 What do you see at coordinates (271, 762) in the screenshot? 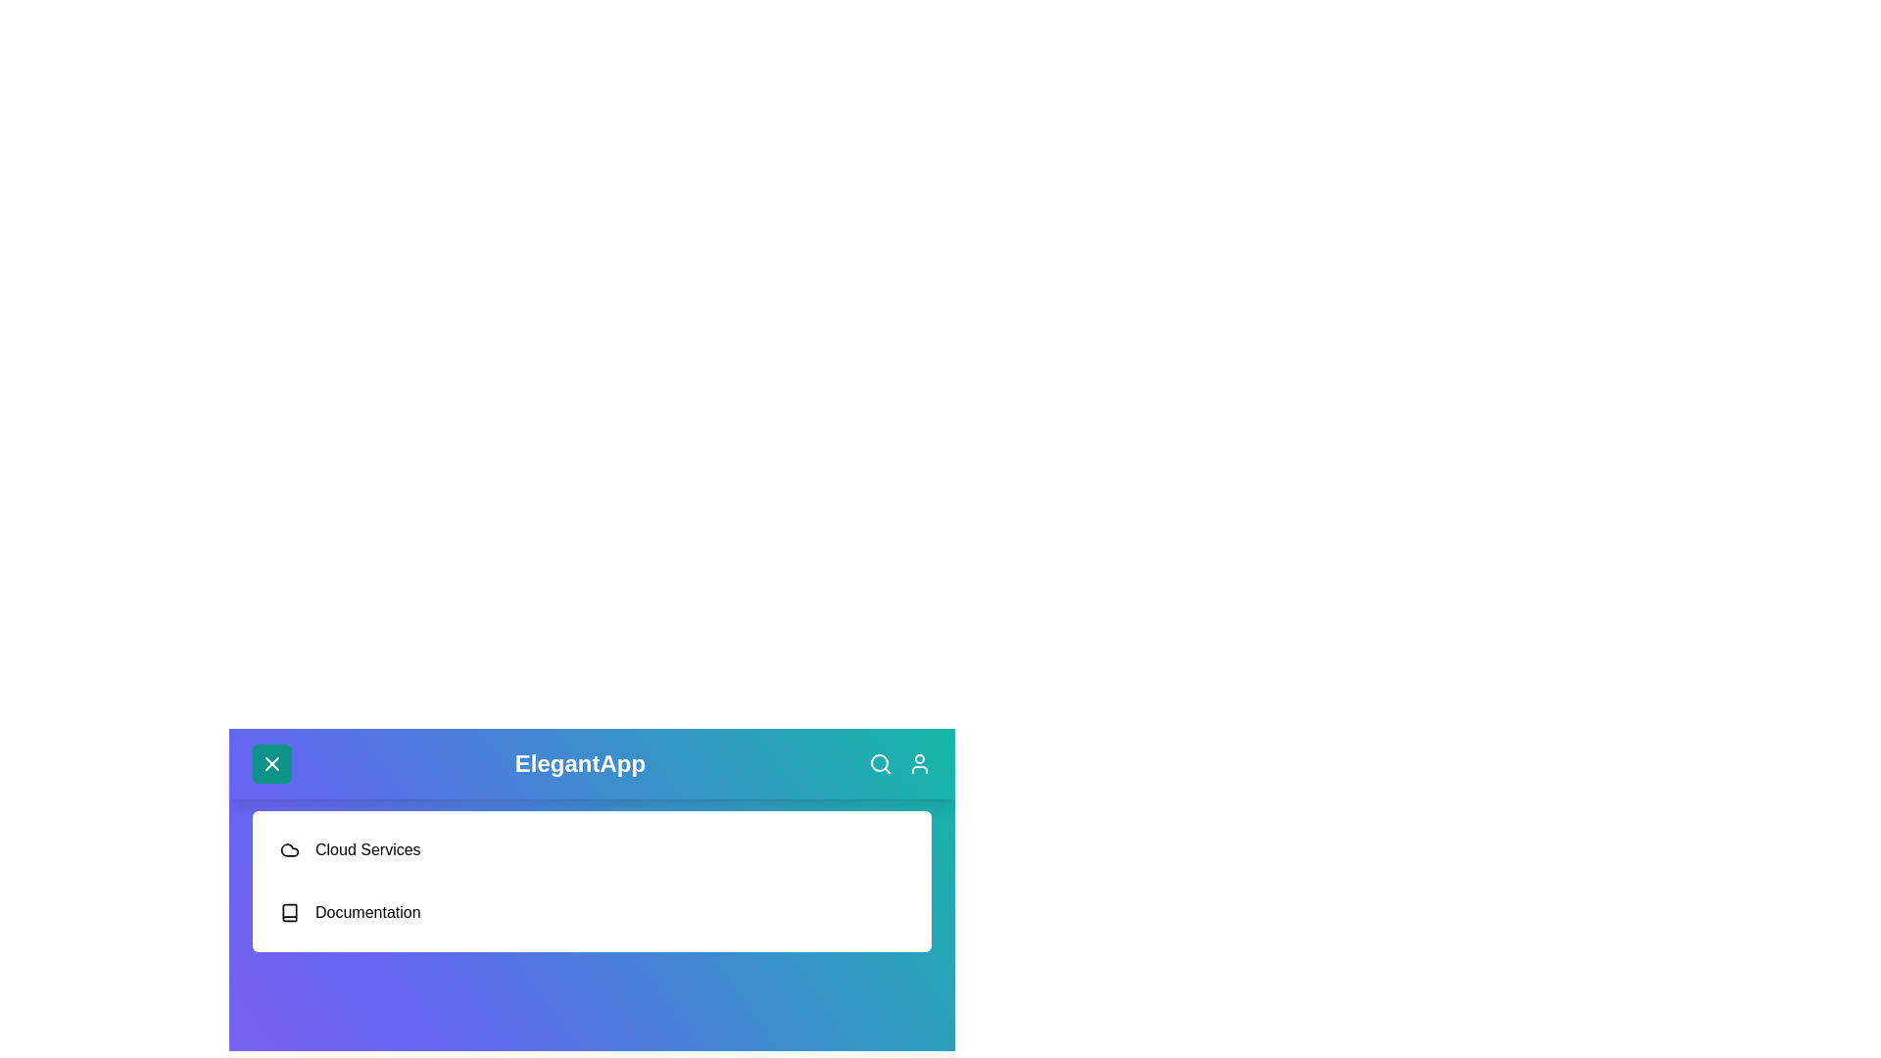
I see `the left button to toggle the menu visibility` at bounding box center [271, 762].